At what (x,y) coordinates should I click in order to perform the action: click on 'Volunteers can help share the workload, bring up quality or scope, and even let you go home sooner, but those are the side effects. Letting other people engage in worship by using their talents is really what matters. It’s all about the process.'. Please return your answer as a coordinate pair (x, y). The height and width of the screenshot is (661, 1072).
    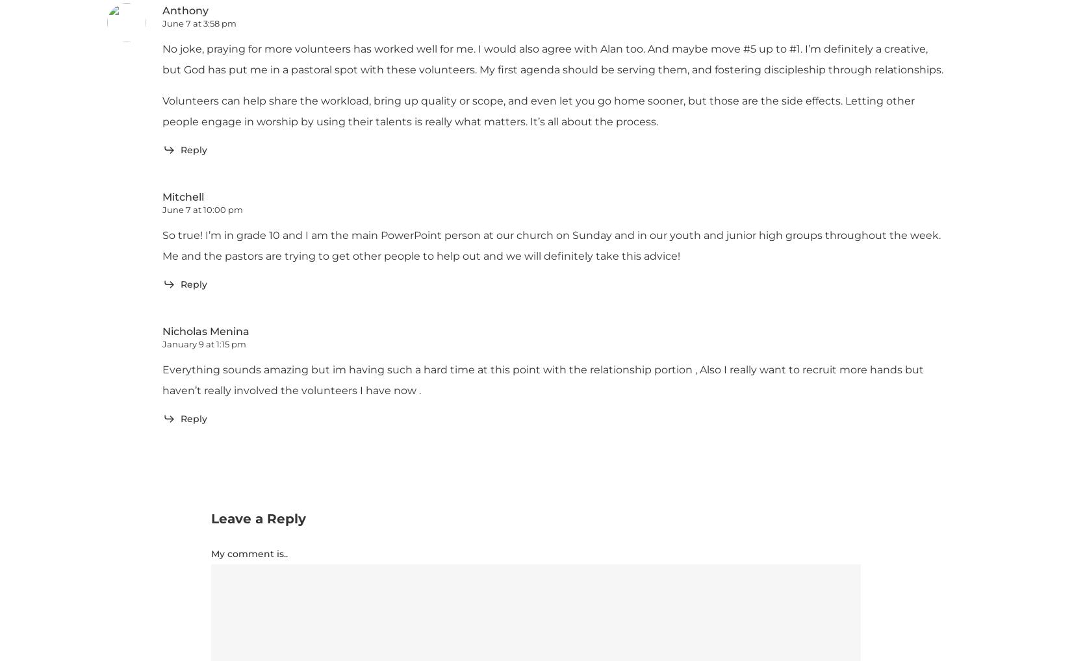
    Looking at the image, I should click on (538, 111).